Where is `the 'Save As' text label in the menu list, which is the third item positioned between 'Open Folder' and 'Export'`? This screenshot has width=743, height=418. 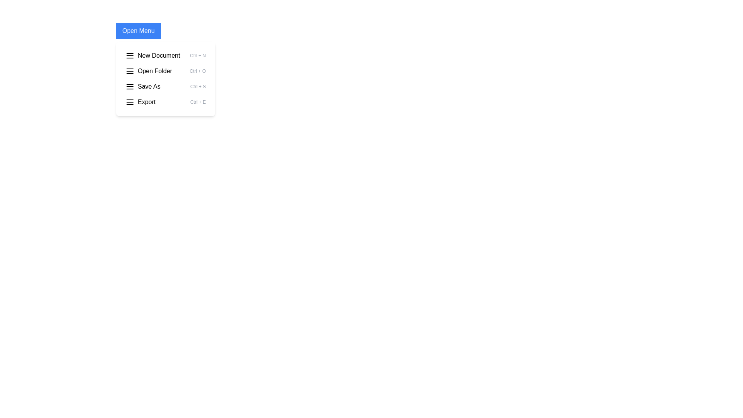 the 'Save As' text label in the menu list, which is the third item positioned between 'Open Folder' and 'Export' is located at coordinates (149, 86).